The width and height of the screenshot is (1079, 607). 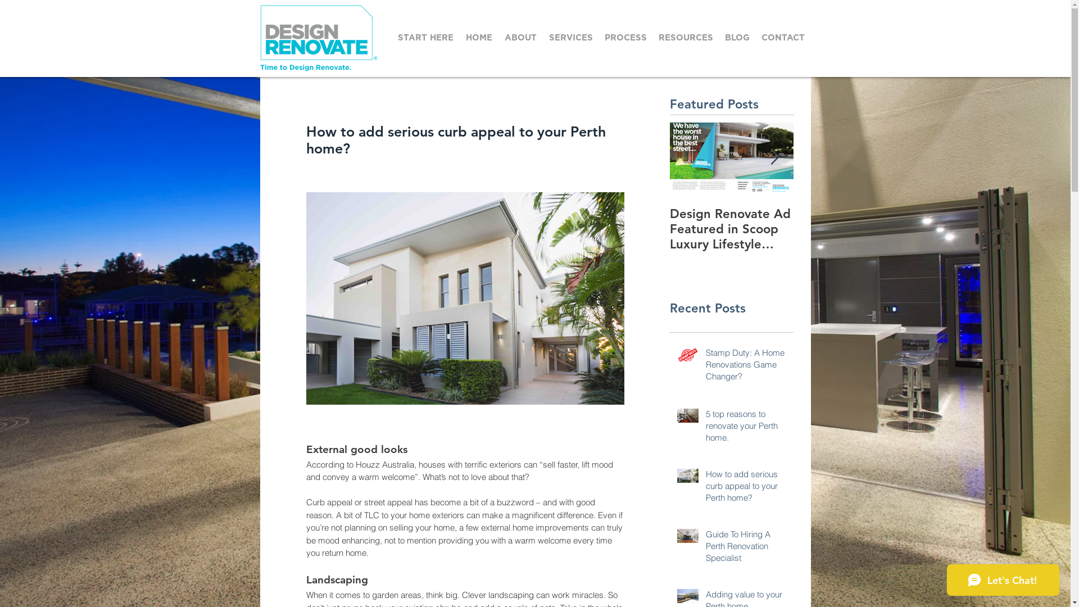 I want to click on 'ABOUT', so click(x=520, y=37).